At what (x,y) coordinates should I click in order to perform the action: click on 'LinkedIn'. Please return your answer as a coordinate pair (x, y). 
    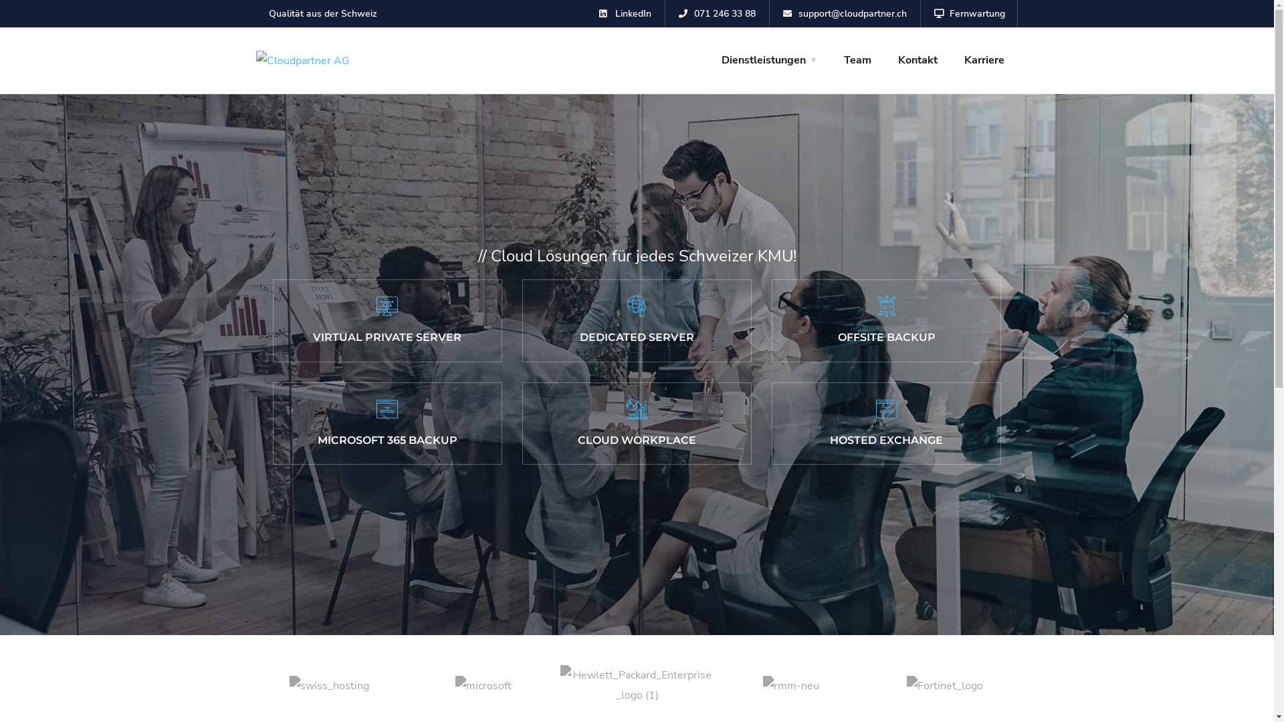
    Looking at the image, I should click on (624, 13).